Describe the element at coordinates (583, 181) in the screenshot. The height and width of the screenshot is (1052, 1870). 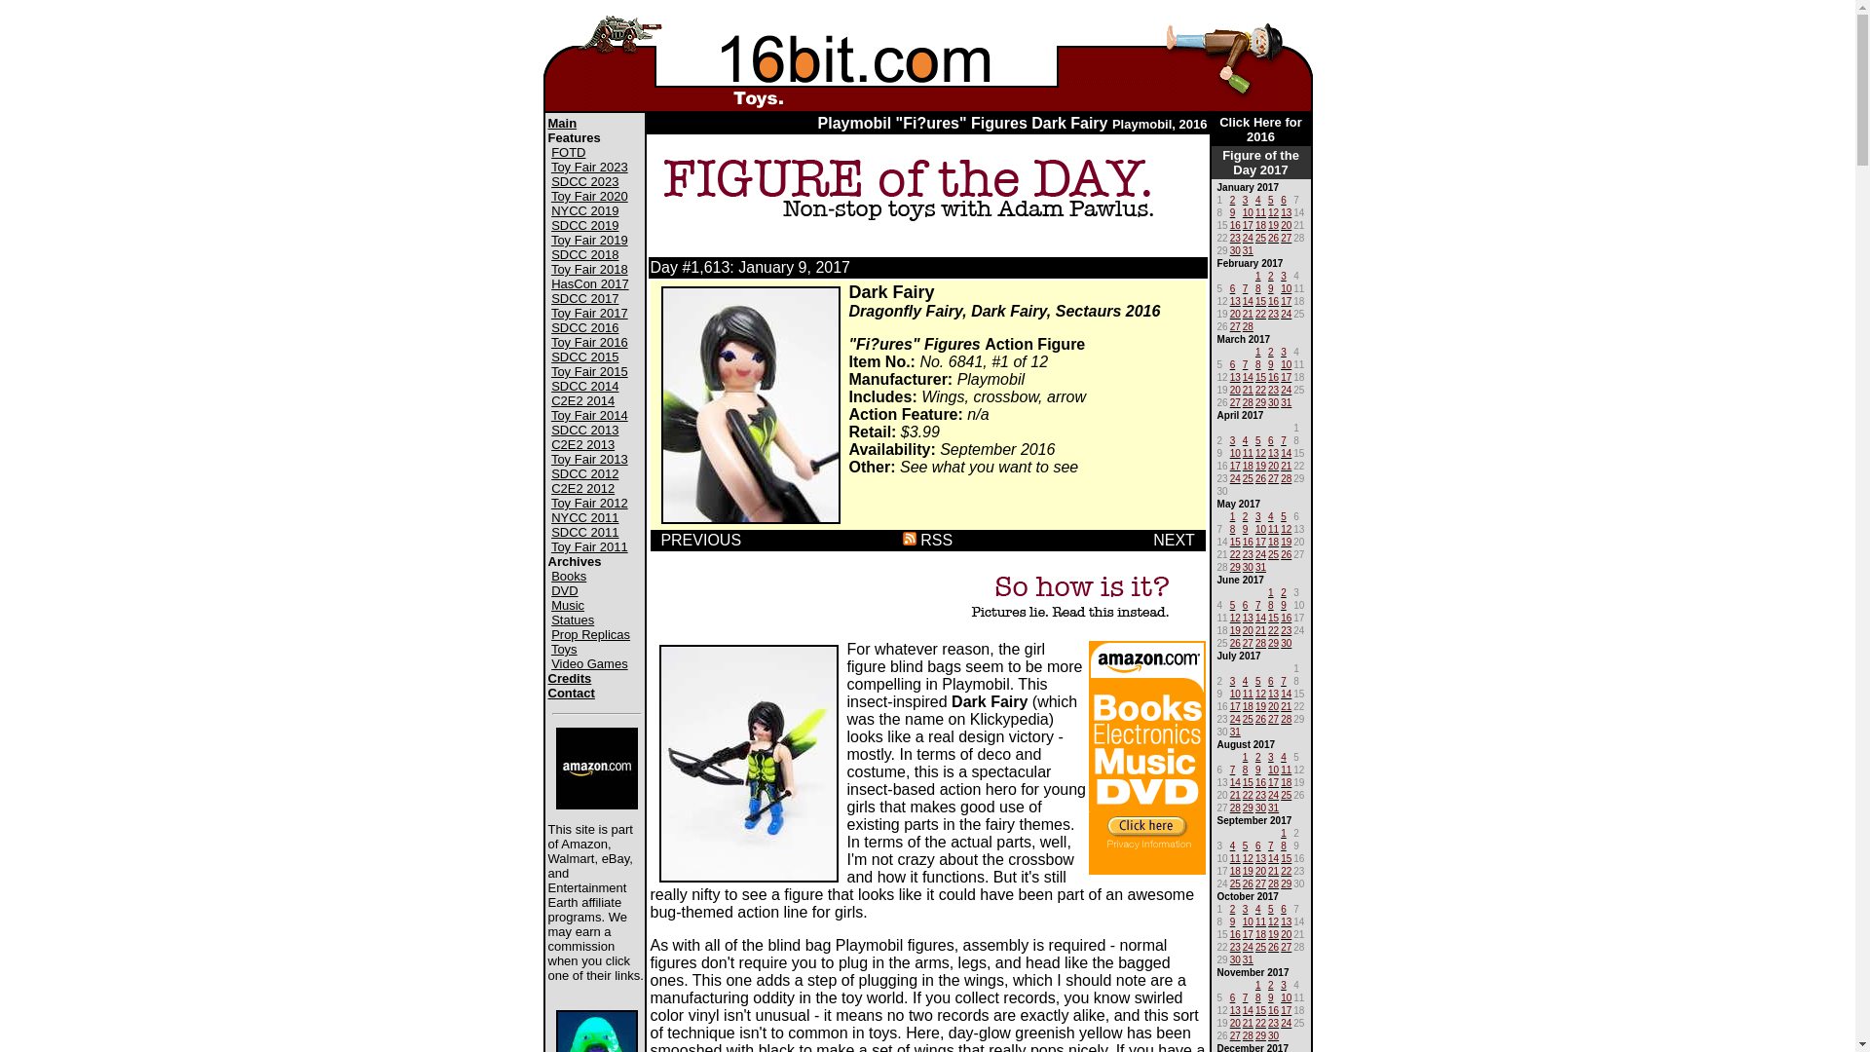
I see `'SDCC 2023'` at that location.